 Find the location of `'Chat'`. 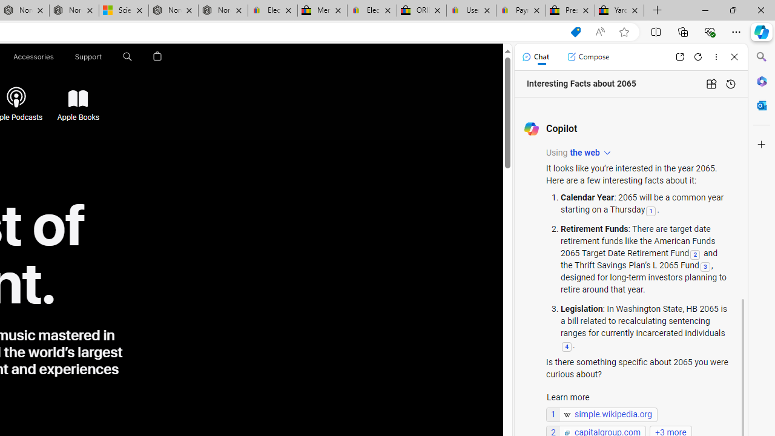

'Chat' is located at coordinates (535, 56).